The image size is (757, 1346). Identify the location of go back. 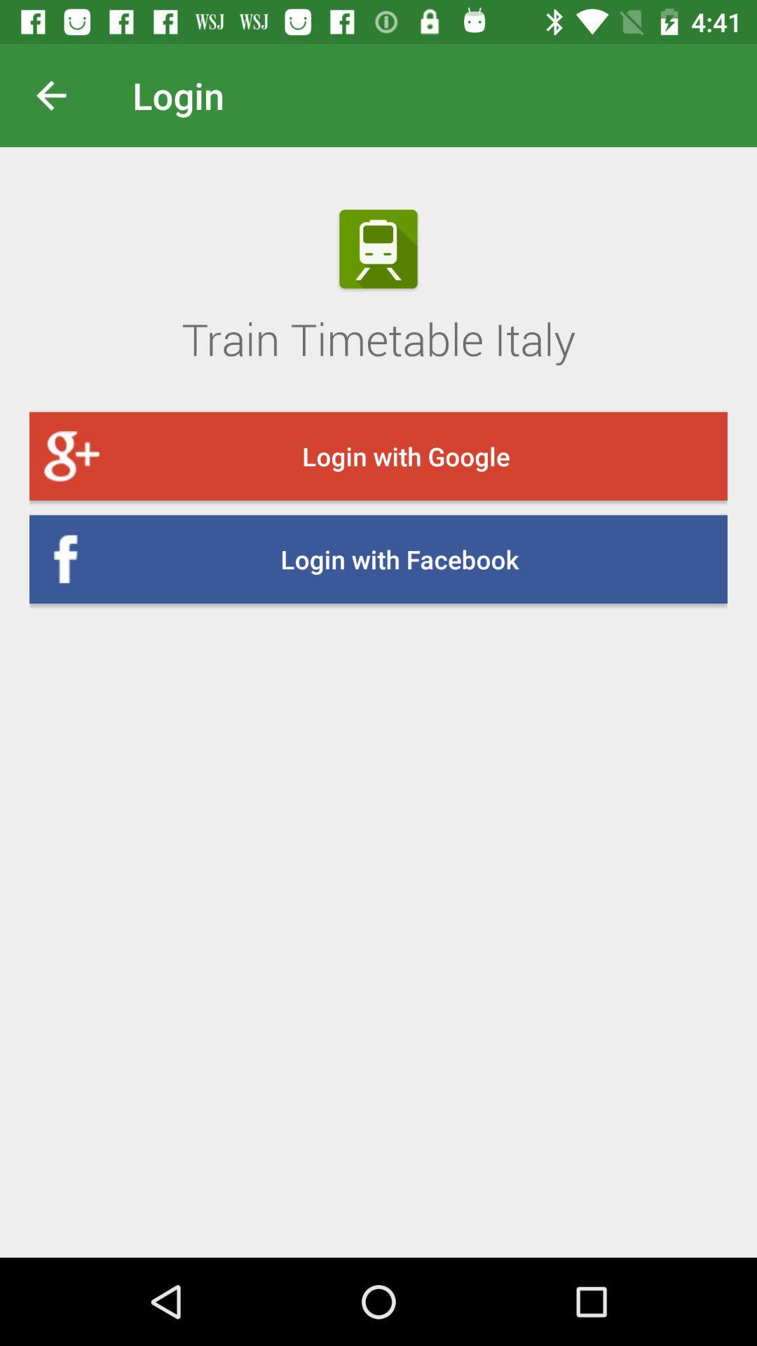
(62, 95).